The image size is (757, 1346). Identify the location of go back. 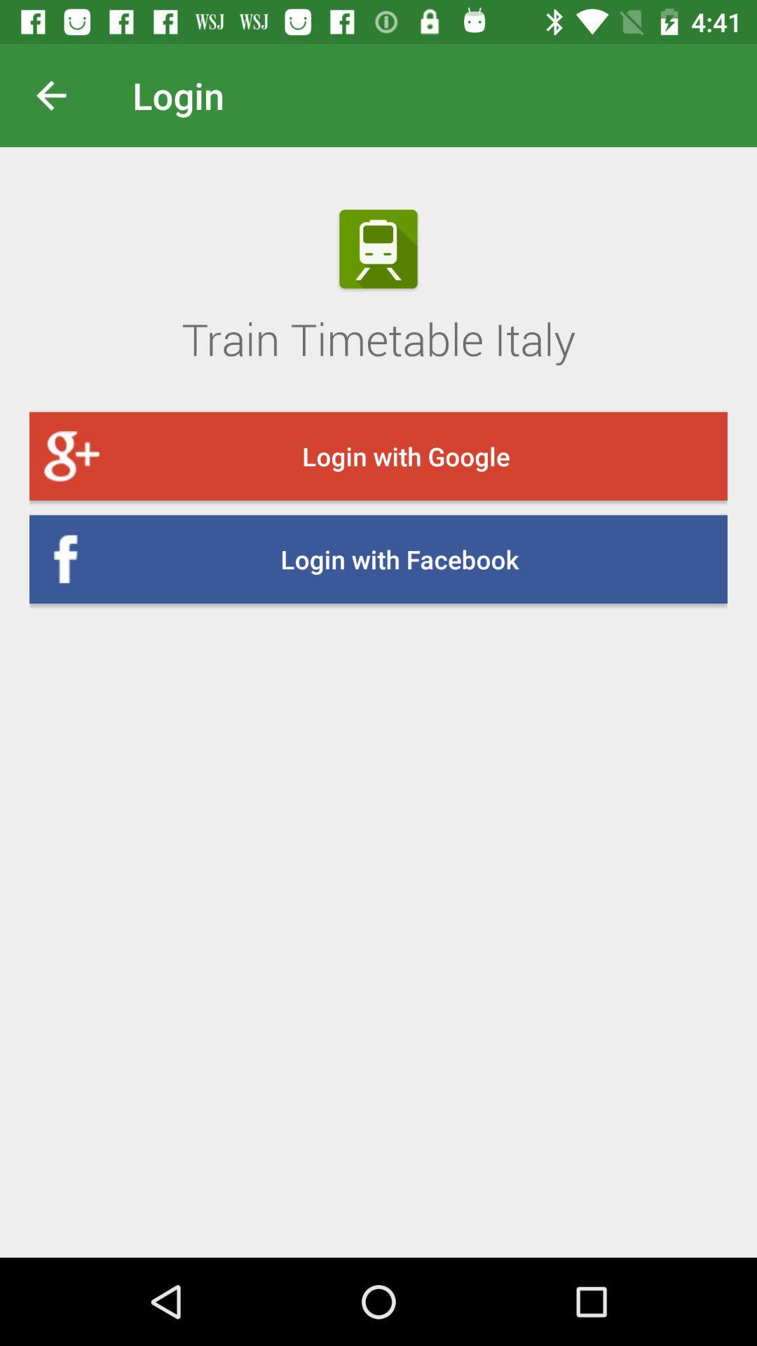
(62, 95).